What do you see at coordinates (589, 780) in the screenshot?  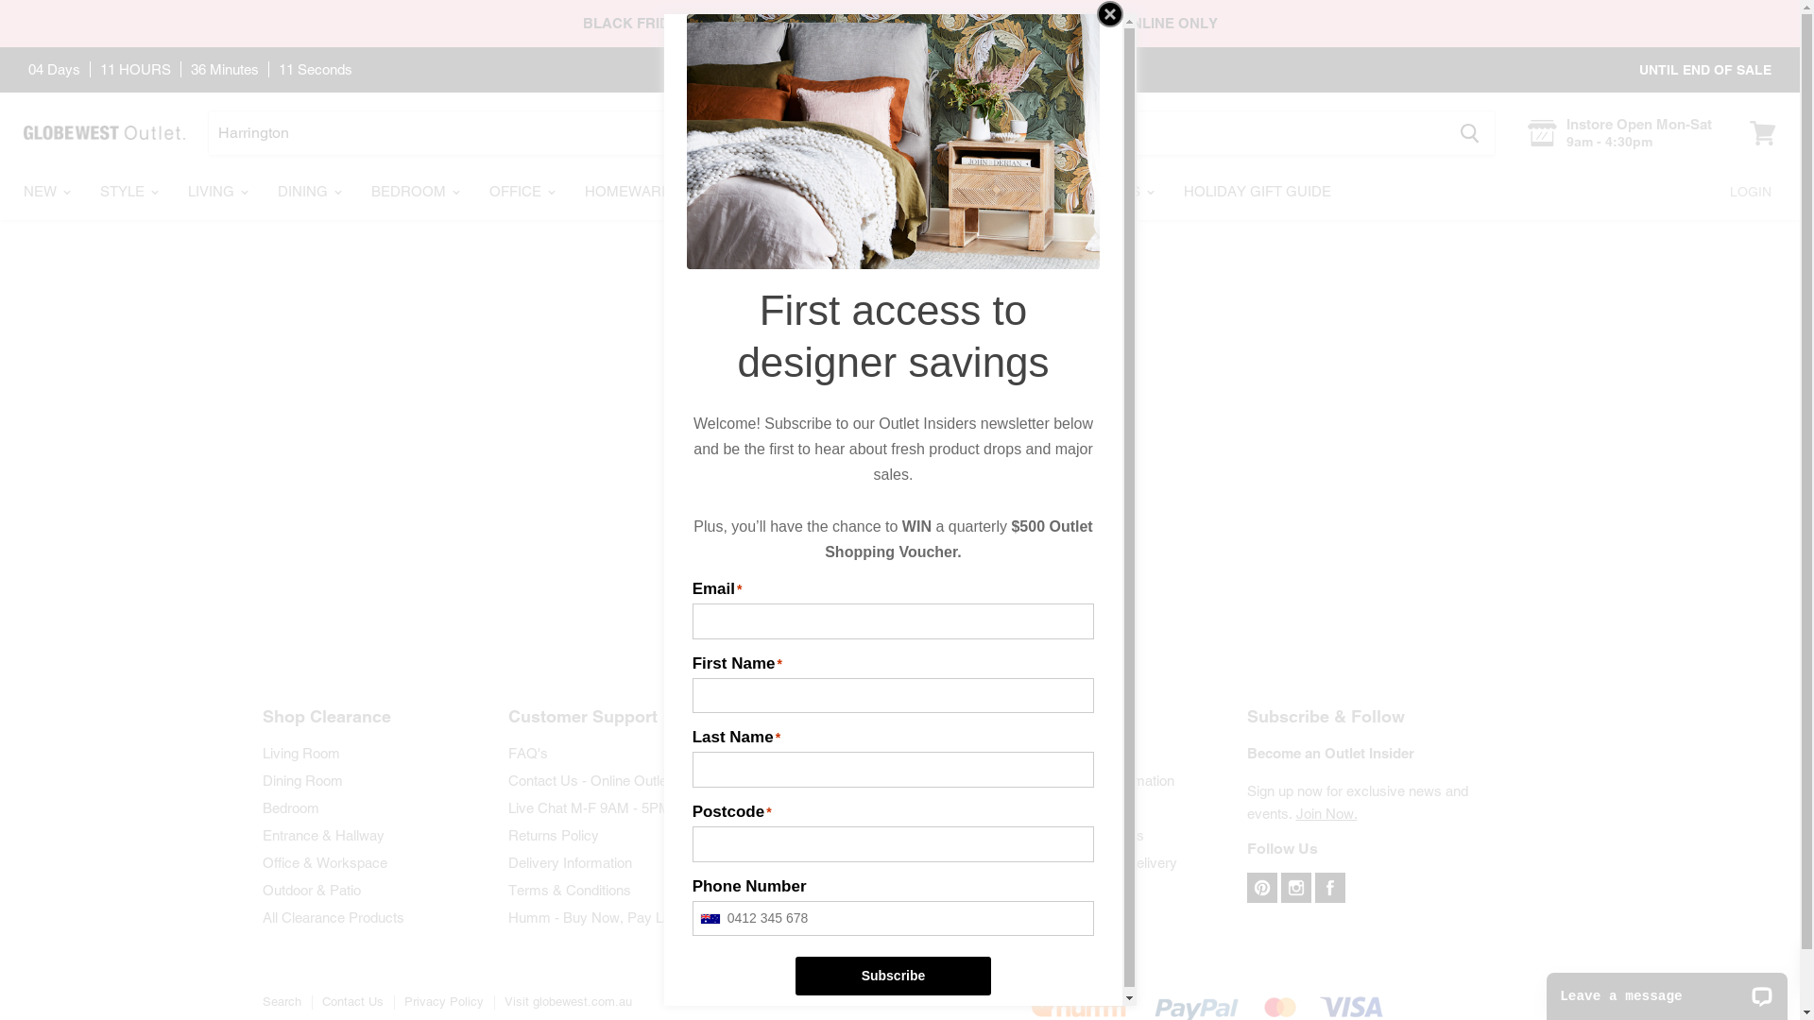 I see `'Contact Us - Online Outlet'` at bounding box center [589, 780].